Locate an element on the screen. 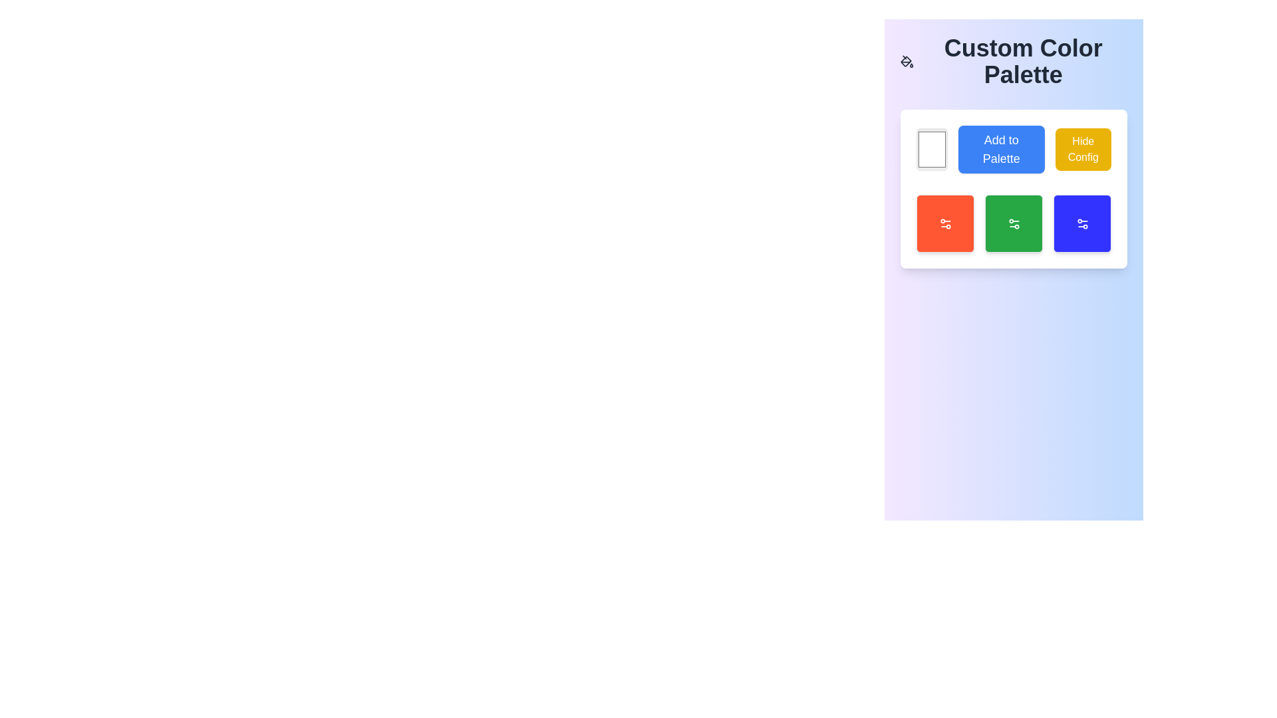 The image size is (1277, 718). the third tile button with a blue background and white settings icon is located at coordinates (1082, 223).